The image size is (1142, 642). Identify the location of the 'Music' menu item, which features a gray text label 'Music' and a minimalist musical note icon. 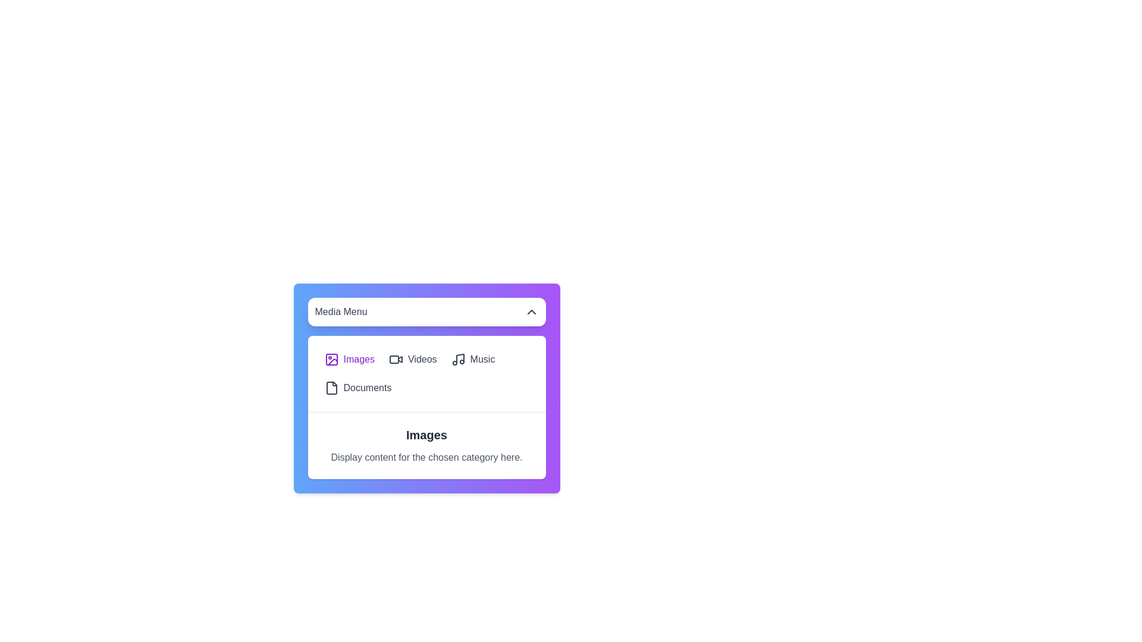
(472, 359).